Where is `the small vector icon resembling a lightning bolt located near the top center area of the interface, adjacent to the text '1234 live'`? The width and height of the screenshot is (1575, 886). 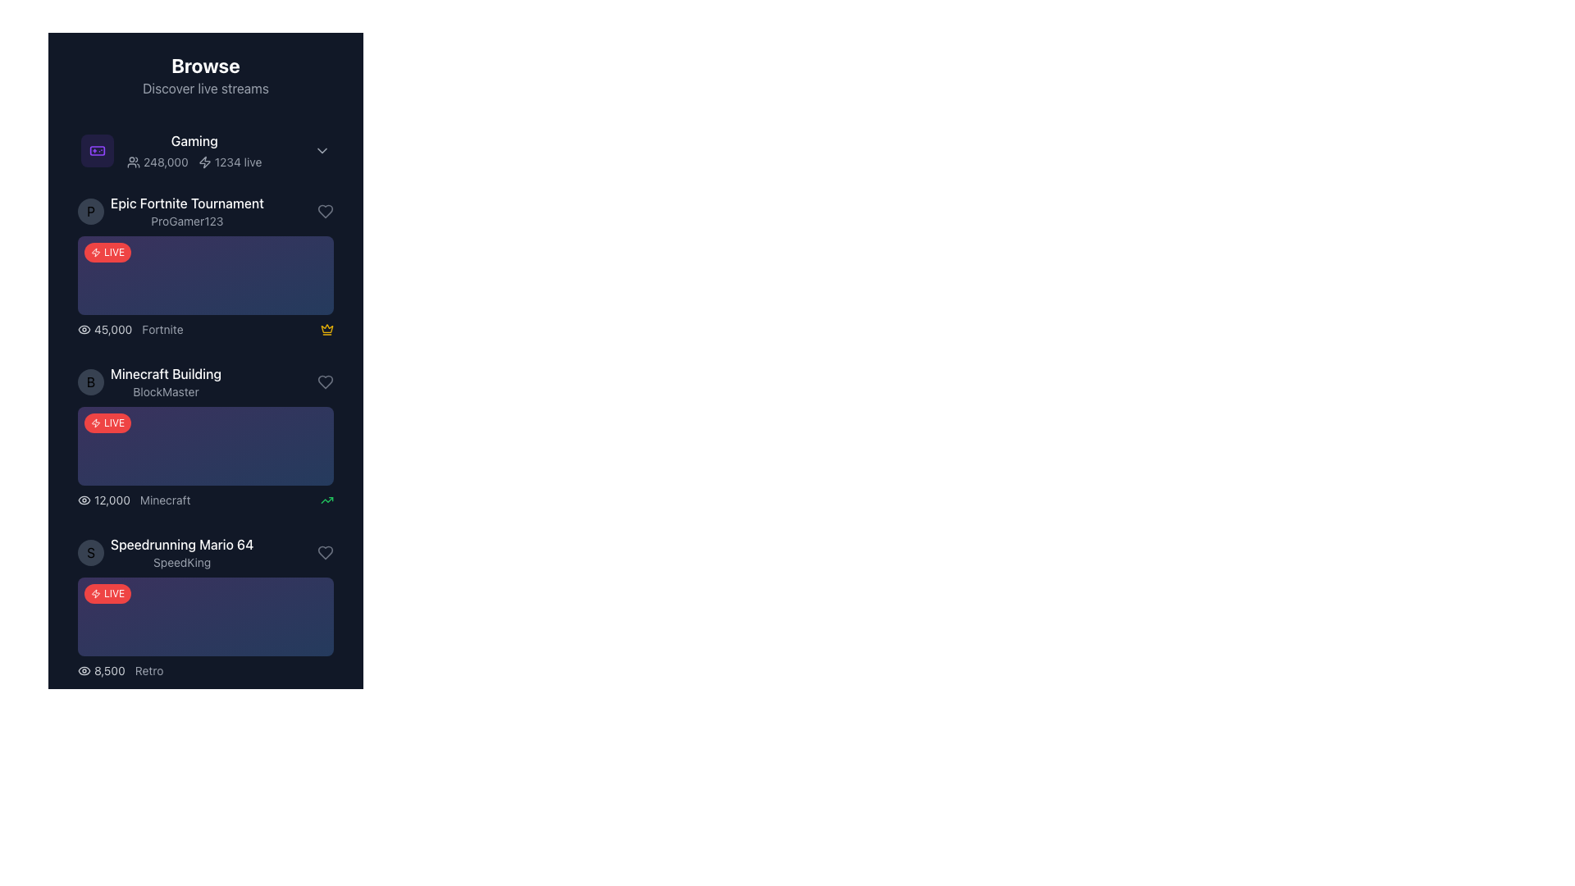 the small vector icon resembling a lightning bolt located near the top center area of the interface, adjacent to the text '1234 live' is located at coordinates (94, 422).